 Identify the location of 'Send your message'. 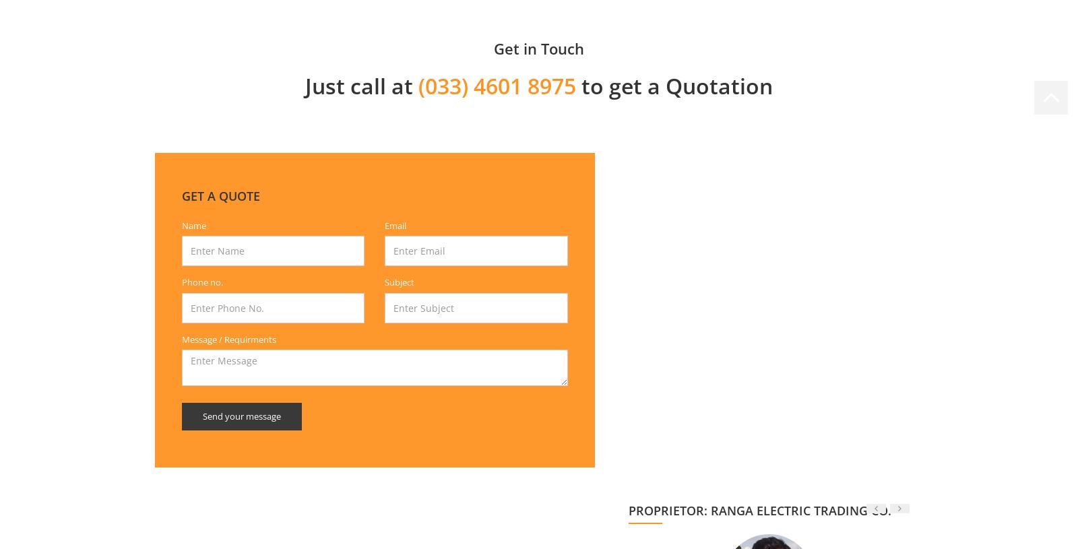
(242, 416).